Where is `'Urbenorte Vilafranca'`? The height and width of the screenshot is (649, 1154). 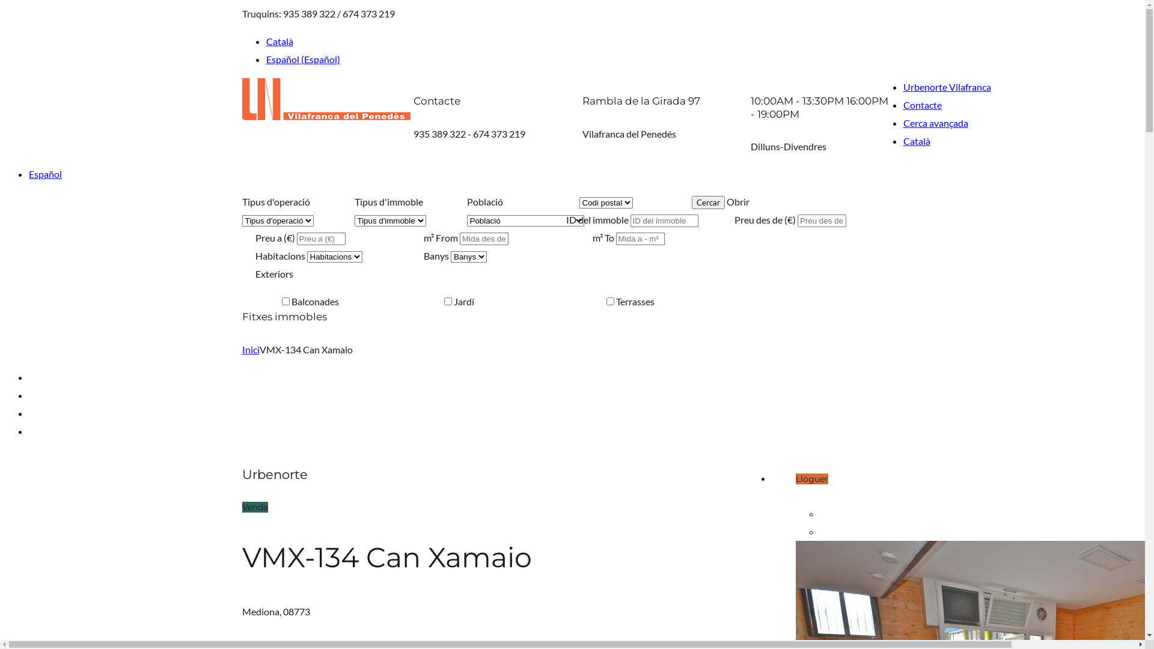
'Urbenorte Vilafranca' is located at coordinates (945, 86).